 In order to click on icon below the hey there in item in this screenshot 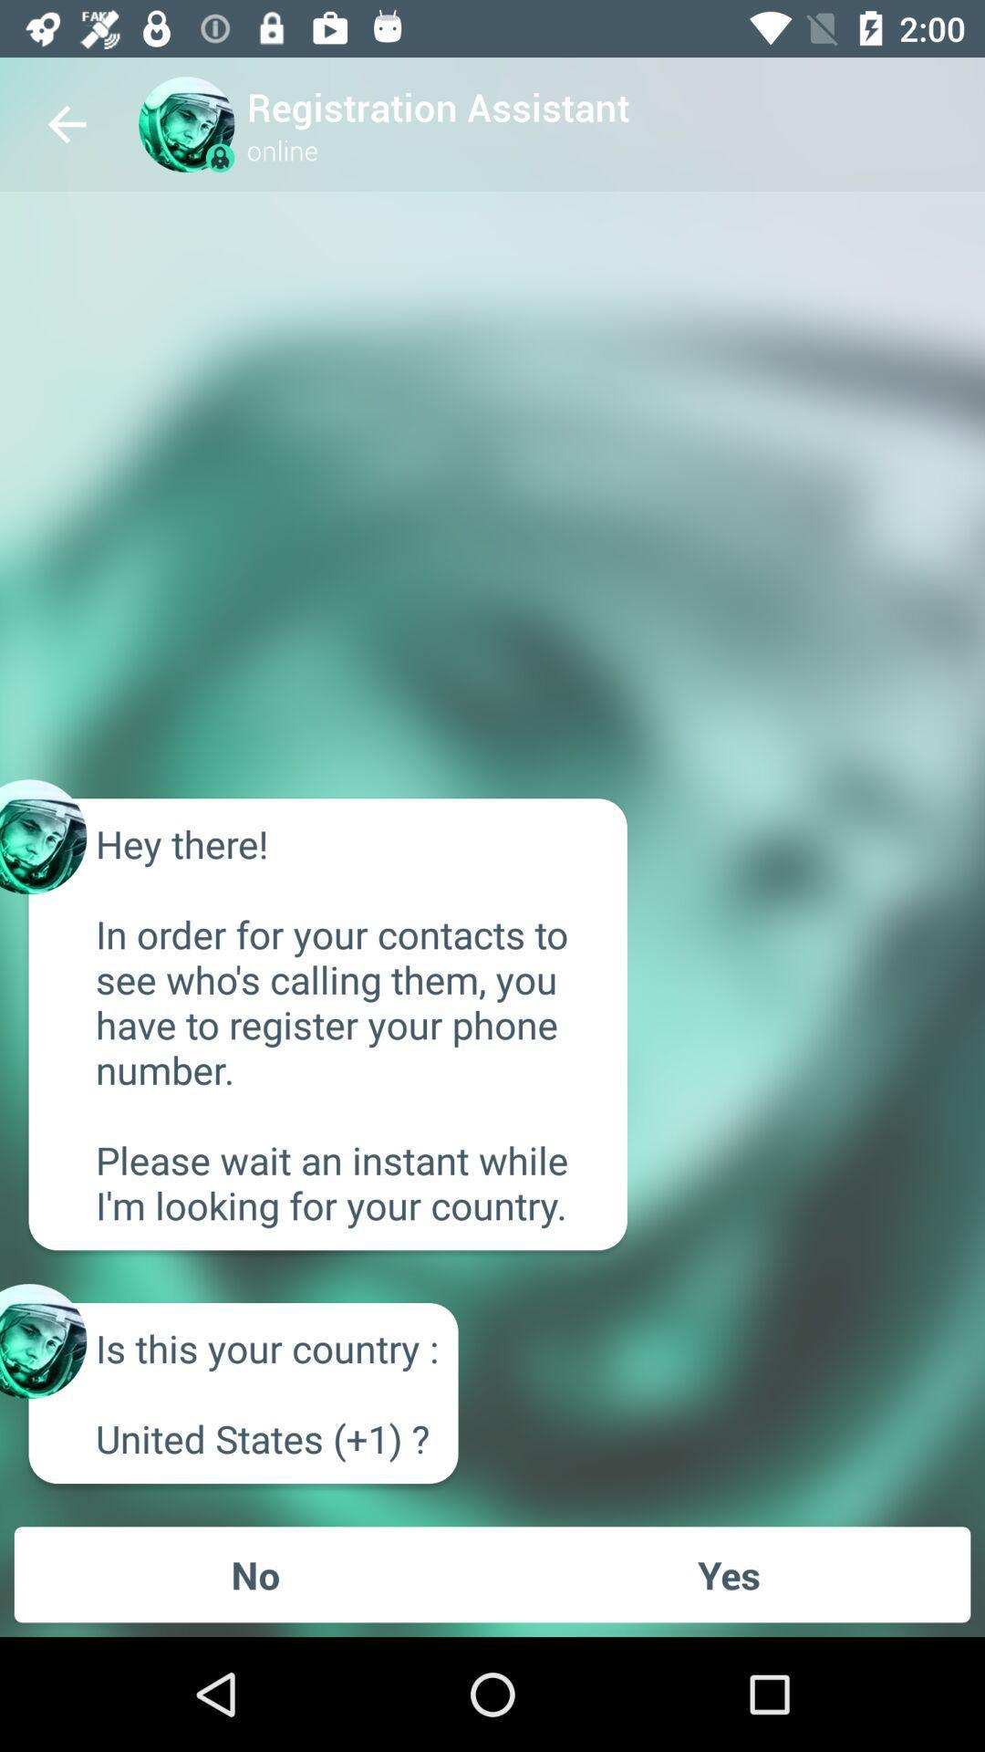, I will do `click(728, 1573)`.